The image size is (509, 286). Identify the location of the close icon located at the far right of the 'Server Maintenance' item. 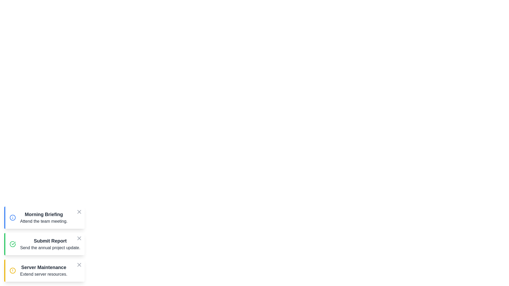
(79, 265).